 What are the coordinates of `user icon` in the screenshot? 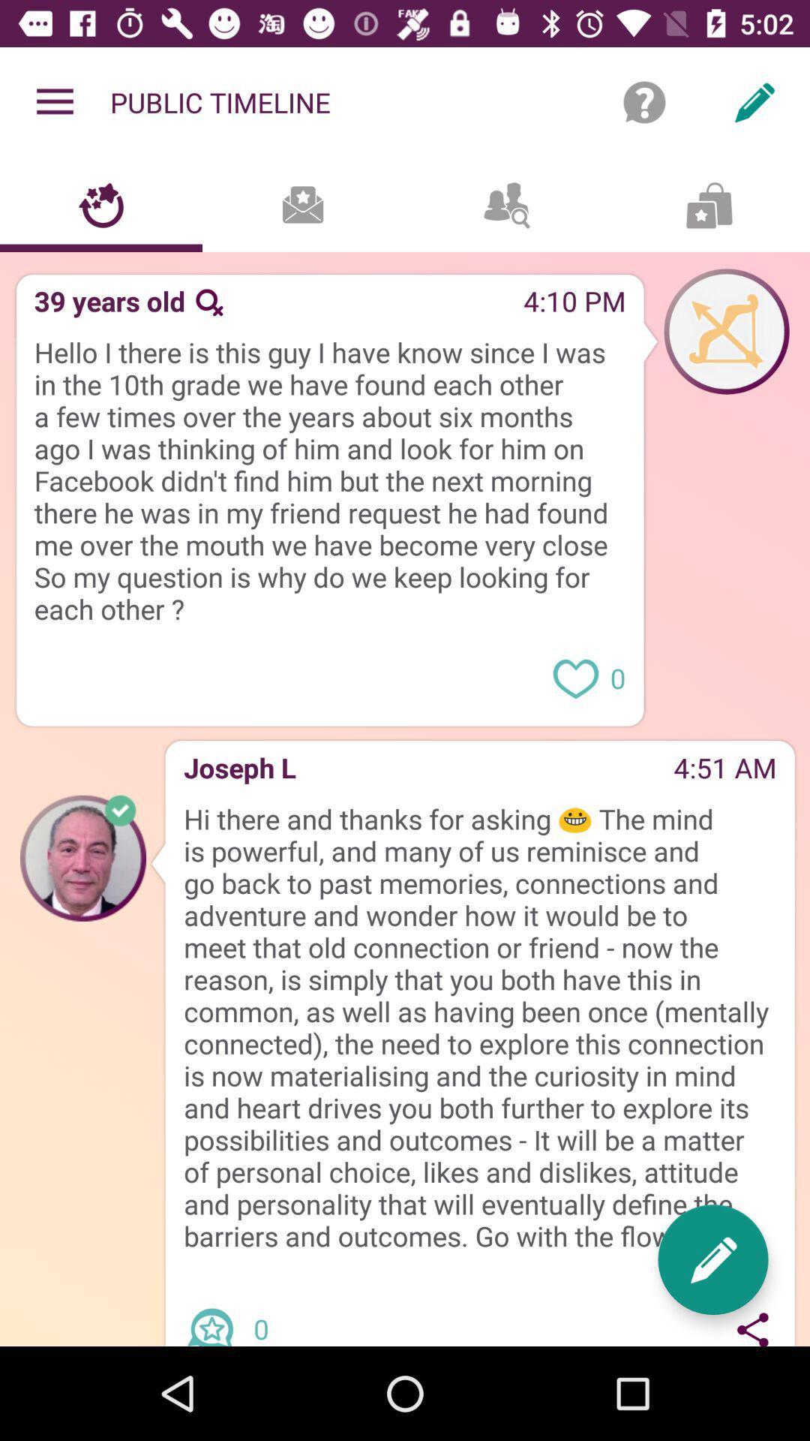 It's located at (725, 330).